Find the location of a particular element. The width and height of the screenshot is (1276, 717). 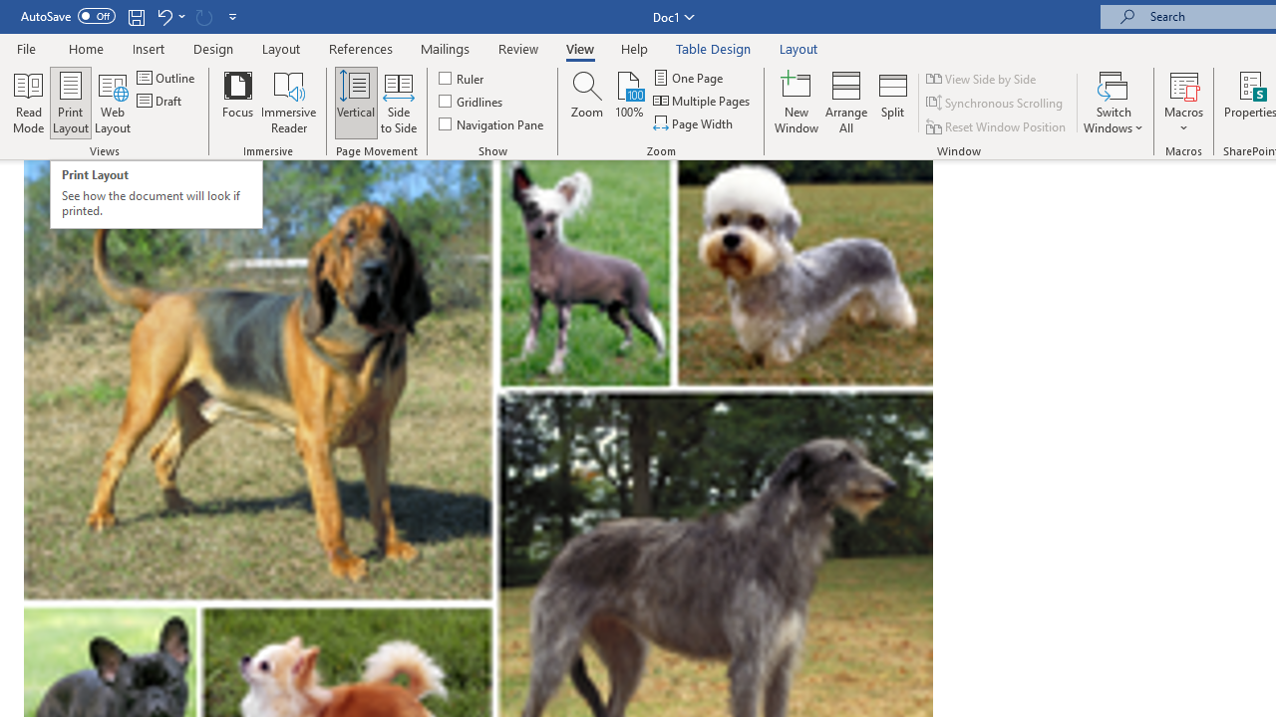

'Outline' is located at coordinates (167, 77).